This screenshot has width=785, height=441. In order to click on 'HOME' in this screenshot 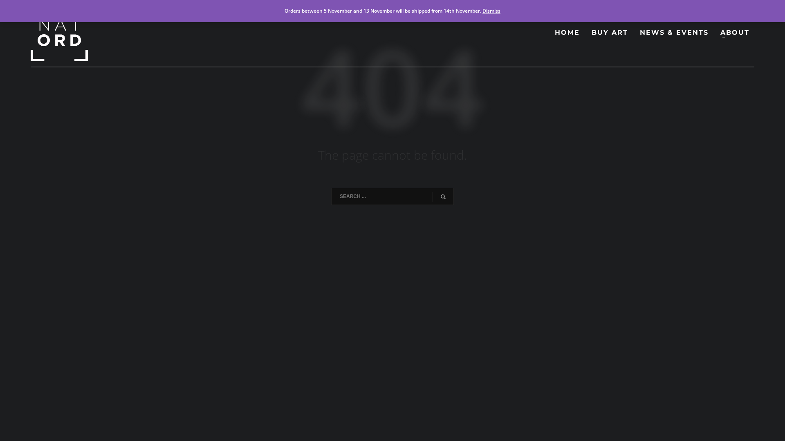, I will do `click(567, 32)`.